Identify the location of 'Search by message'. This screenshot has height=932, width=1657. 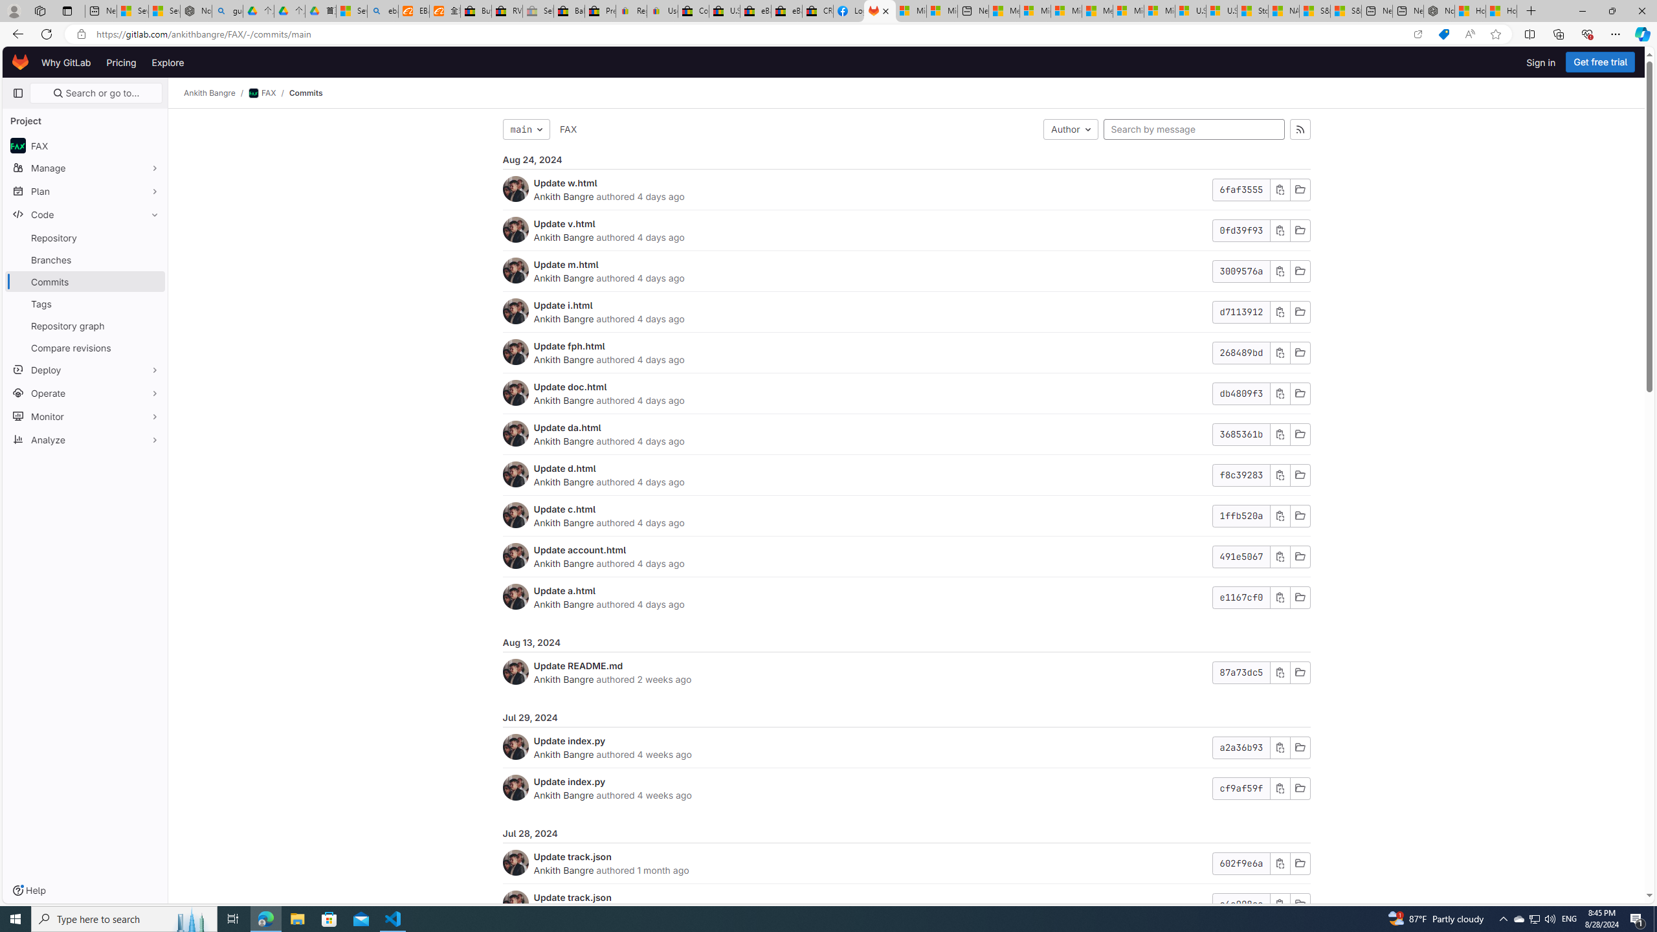
(1193, 129).